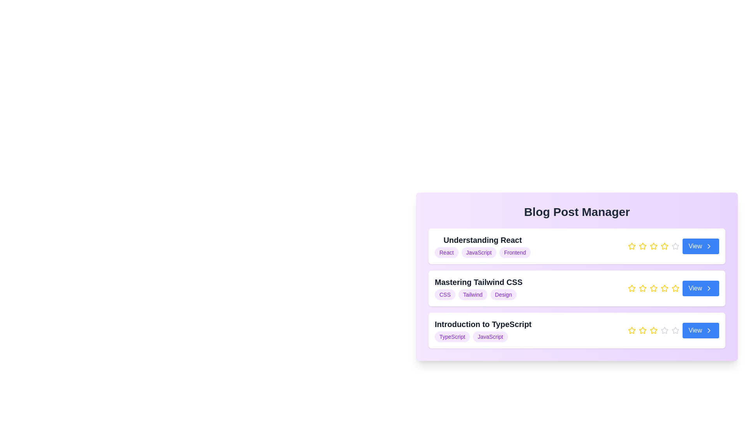 This screenshot has height=421, width=748. I want to click on the fourth star icon in the five-star rating system for the 'Introduction to TypeScript' post, so click(675, 330).